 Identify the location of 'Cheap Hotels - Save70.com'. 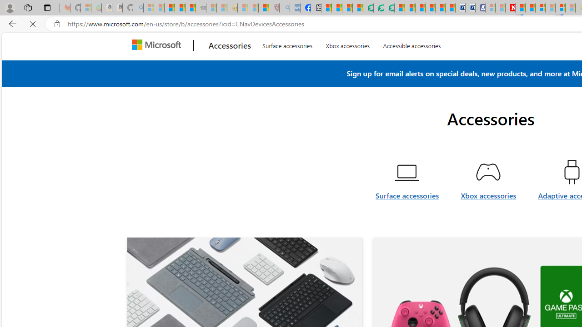
(470, 8).